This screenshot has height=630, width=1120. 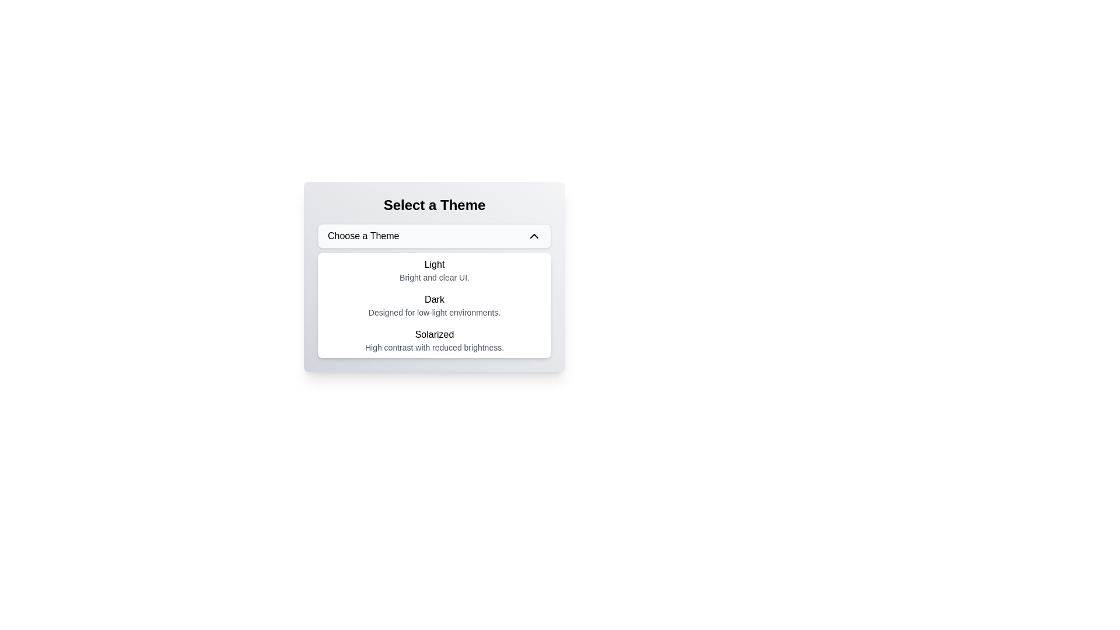 I want to click on the dropdown menu for theme selection located in the 'Select a Theme' box, so click(x=433, y=290).